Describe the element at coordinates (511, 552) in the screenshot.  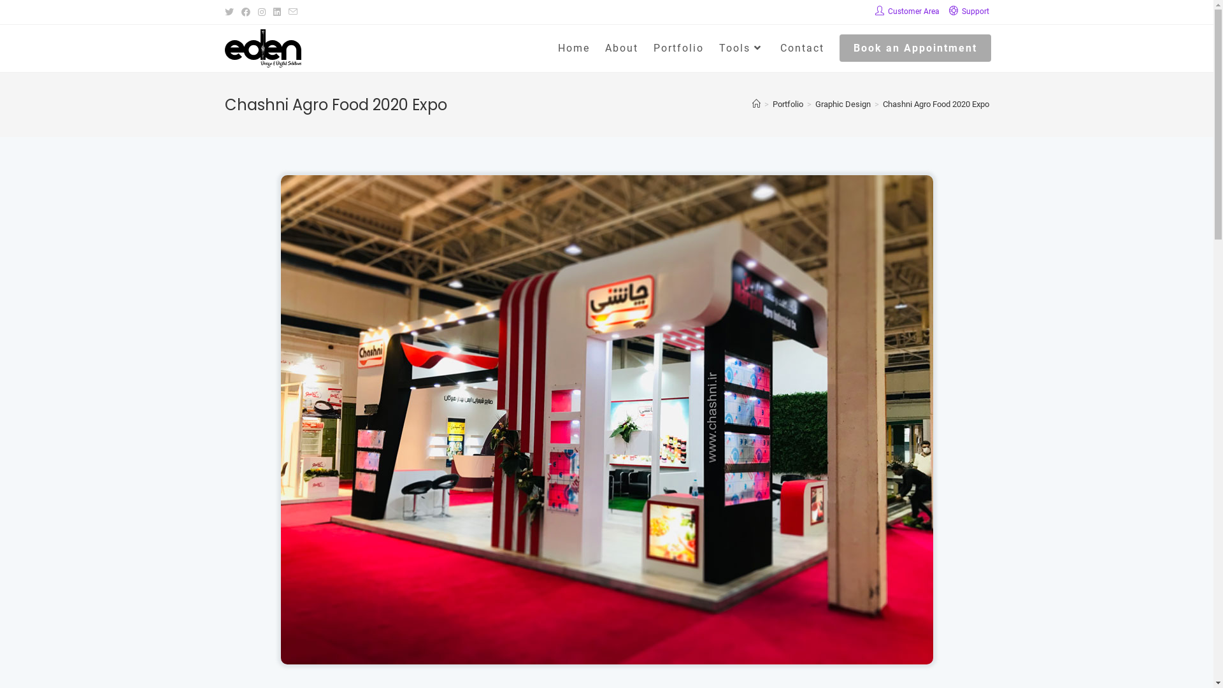
I see `'Billboard Design'` at that location.